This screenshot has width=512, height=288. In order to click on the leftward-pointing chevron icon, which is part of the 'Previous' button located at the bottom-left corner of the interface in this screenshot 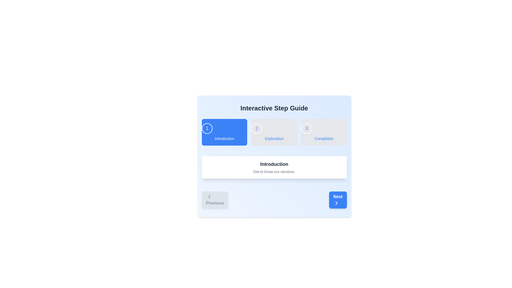, I will do `click(209, 197)`.